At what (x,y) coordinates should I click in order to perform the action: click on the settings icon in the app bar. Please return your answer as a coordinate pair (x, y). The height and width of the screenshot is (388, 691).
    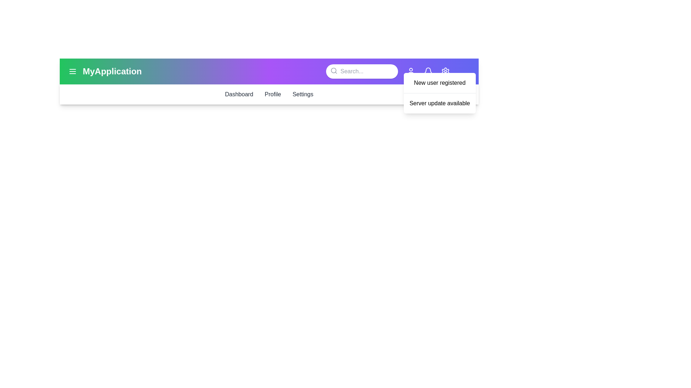
    Looking at the image, I should click on (445, 71).